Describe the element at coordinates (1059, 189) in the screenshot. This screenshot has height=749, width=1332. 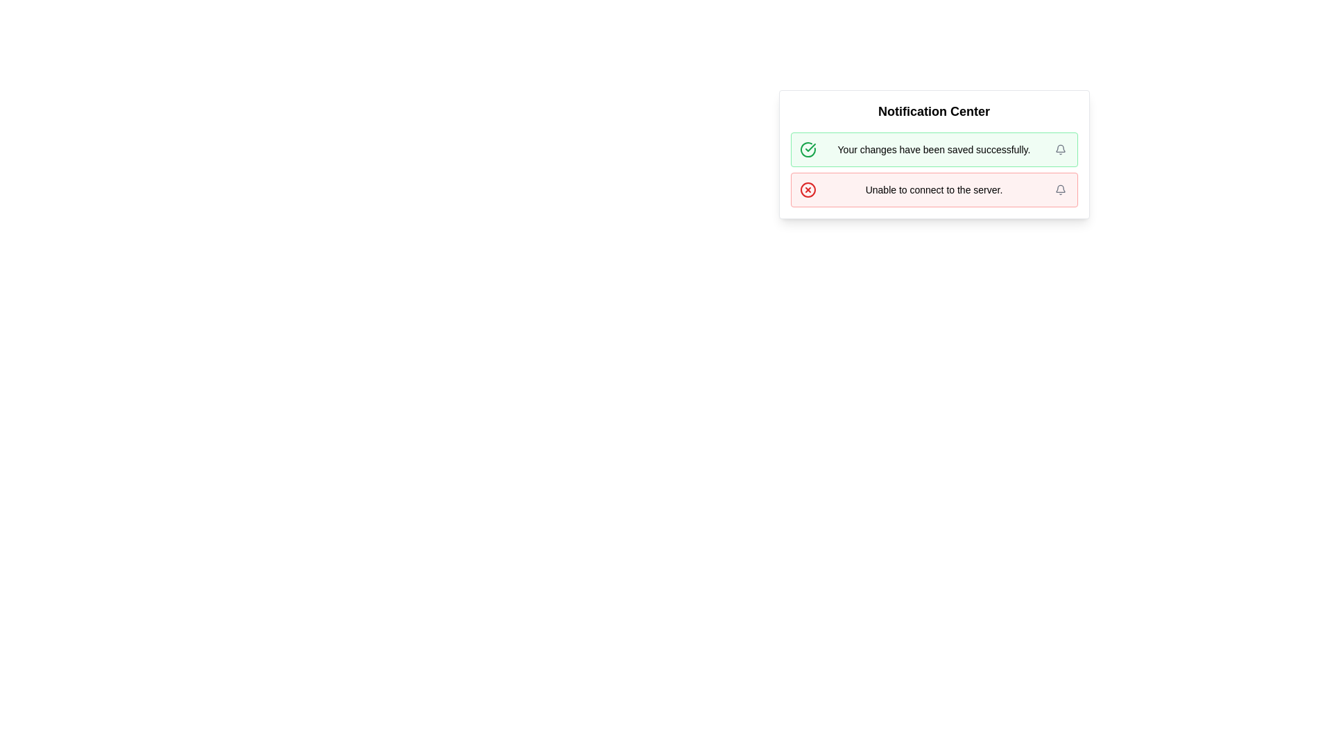
I see `the Icon button located on the rightmost side of the notification box that contains the message 'Unable to connect to the server'` at that location.